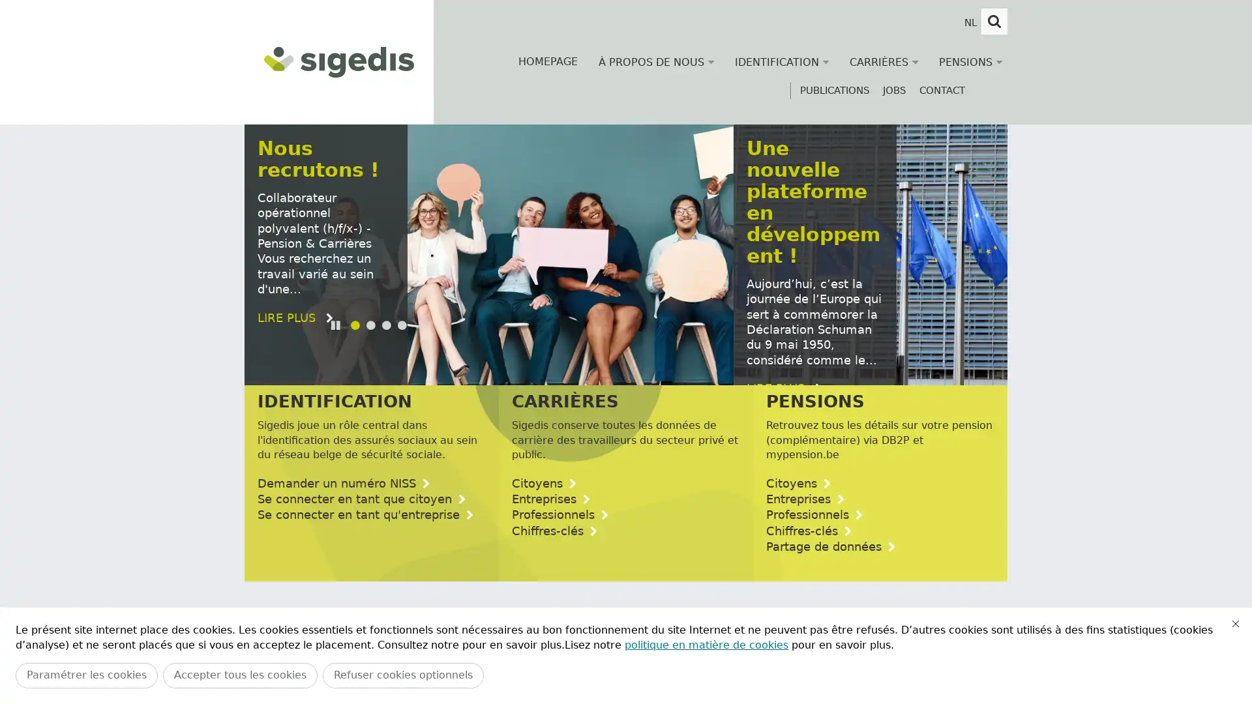 This screenshot has height=704, width=1252. Describe the element at coordinates (884, 62) in the screenshot. I see `CARRIERES` at that location.